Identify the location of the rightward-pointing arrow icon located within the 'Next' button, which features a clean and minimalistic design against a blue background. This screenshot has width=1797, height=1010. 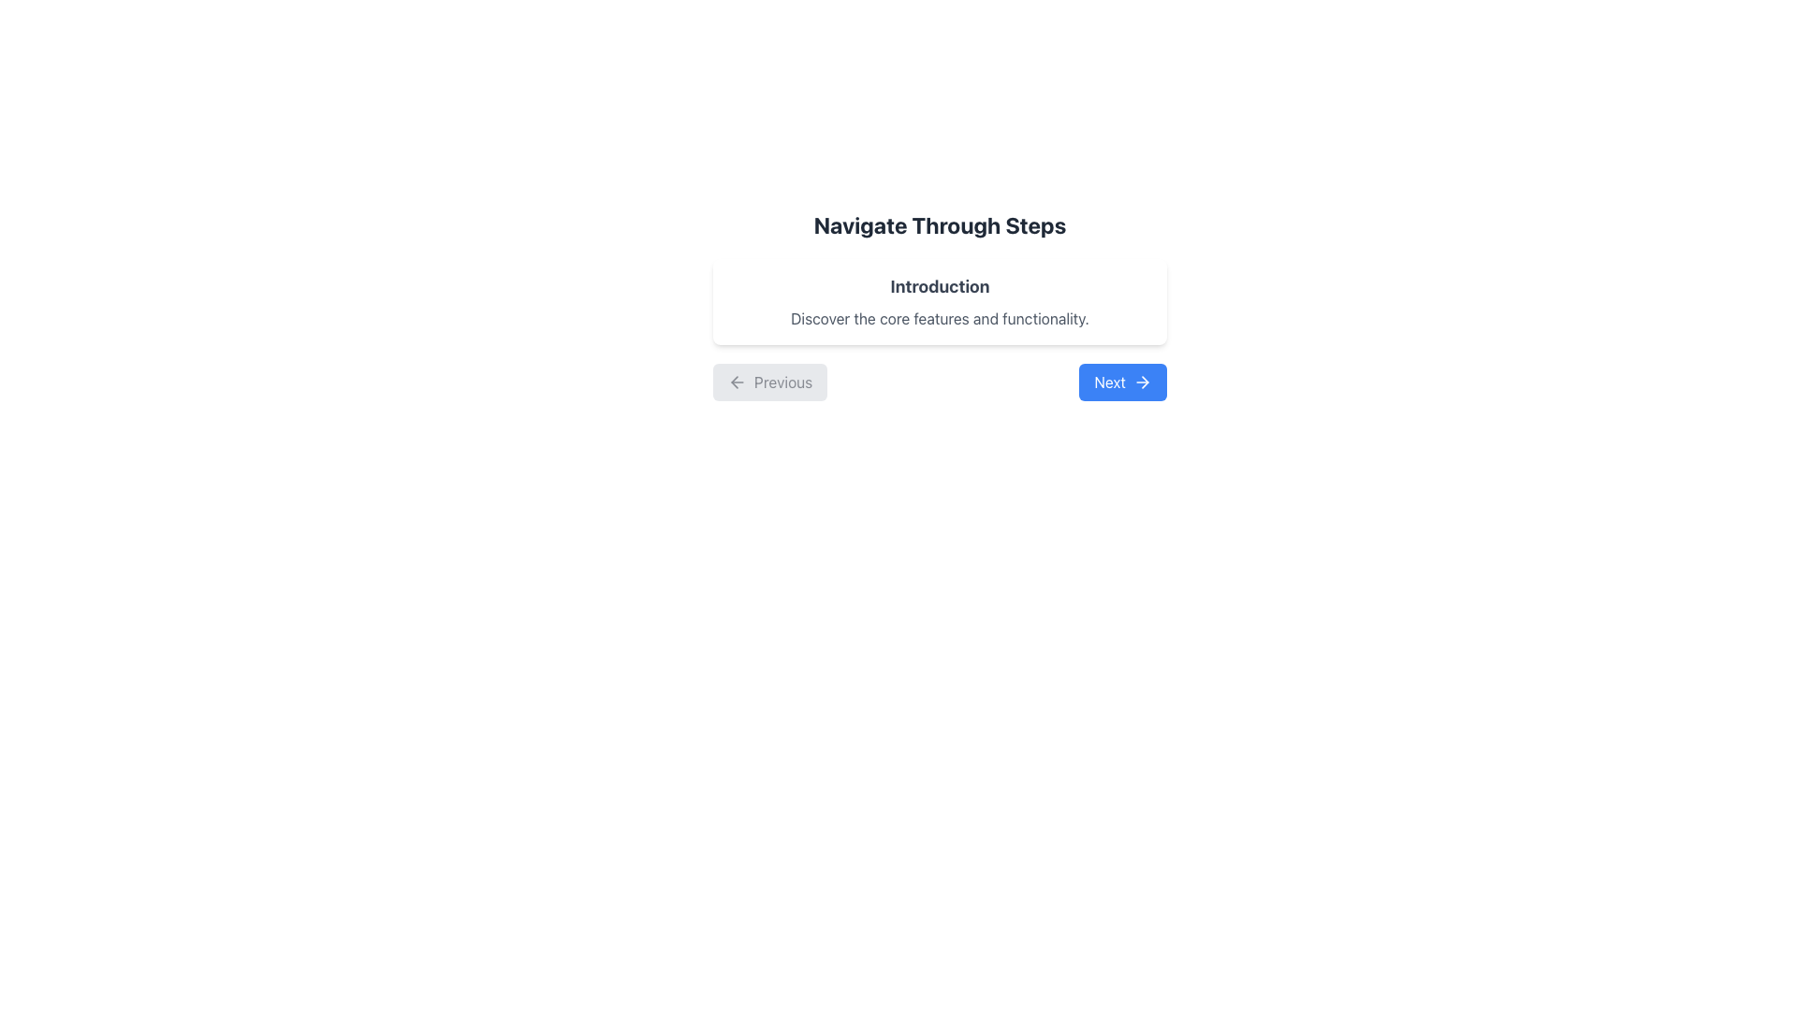
(1141, 381).